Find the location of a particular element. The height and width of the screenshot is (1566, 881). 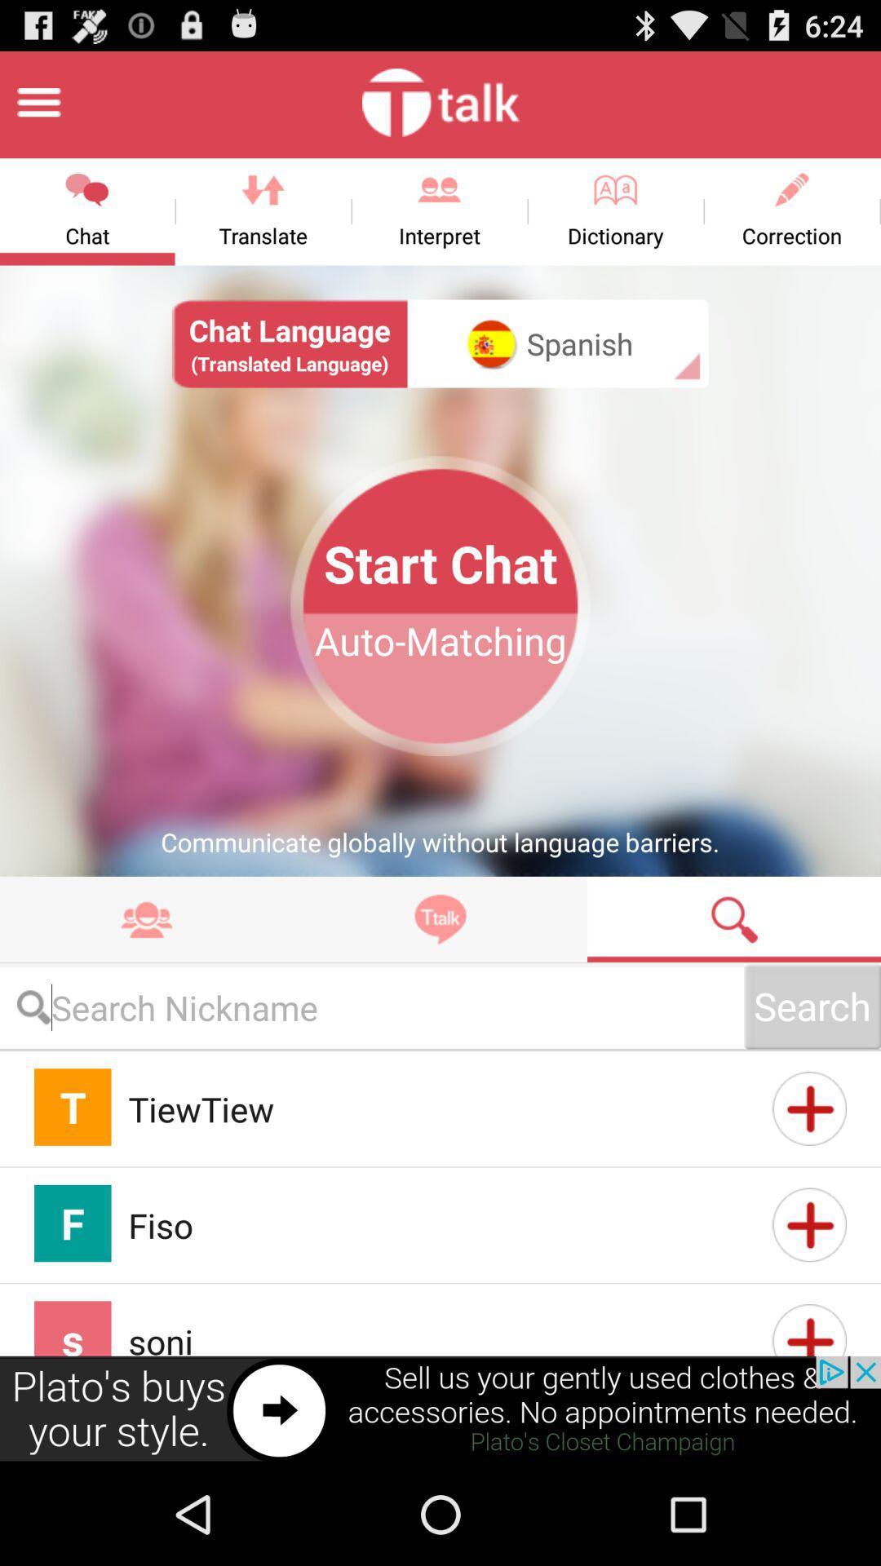

the menu icon is located at coordinates (38, 108).